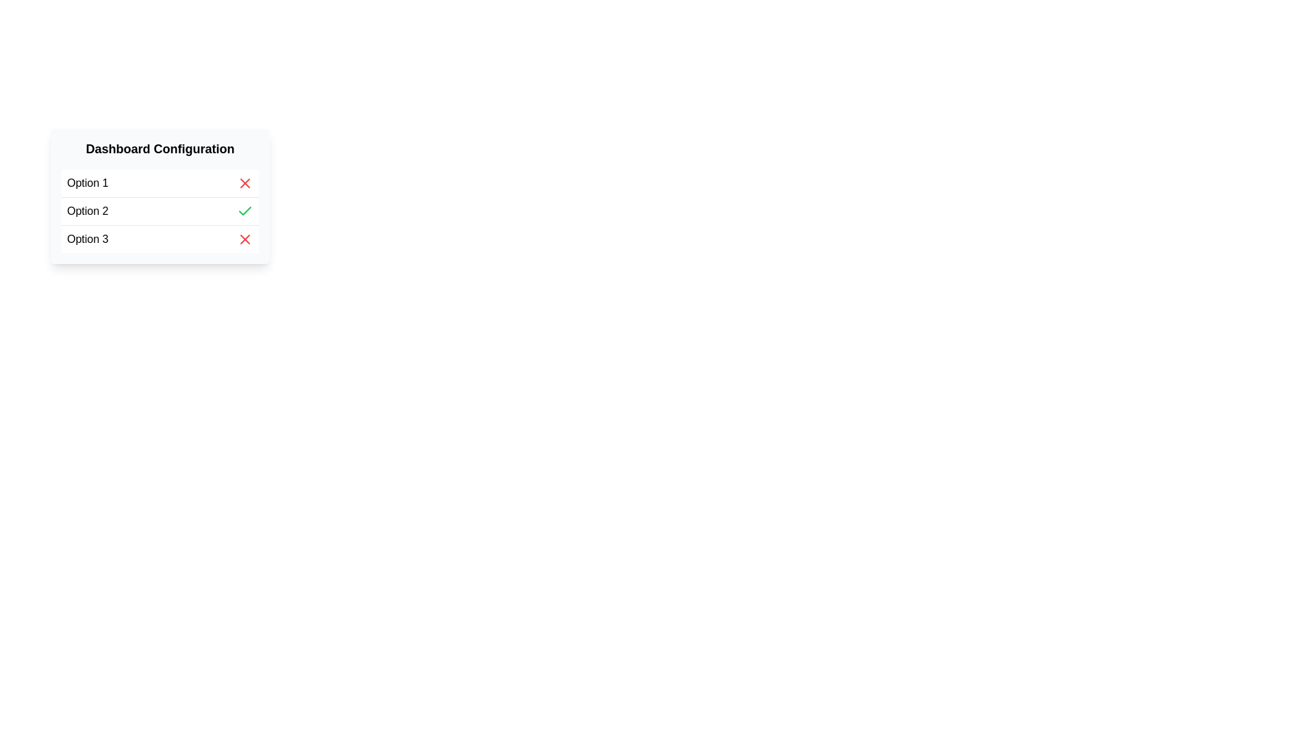 This screenshot has width=1315, height=739. Describe the element at coordinates (245, 182) in the screenshot. I see `the negation or error indication icon in the first row of options within the 'Dashboard Configuration' dialogue` at that location.